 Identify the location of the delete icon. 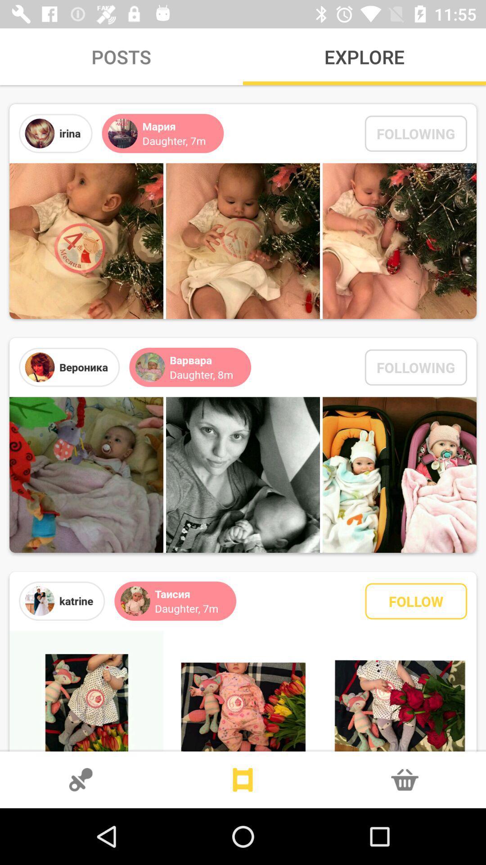
(404, 779).